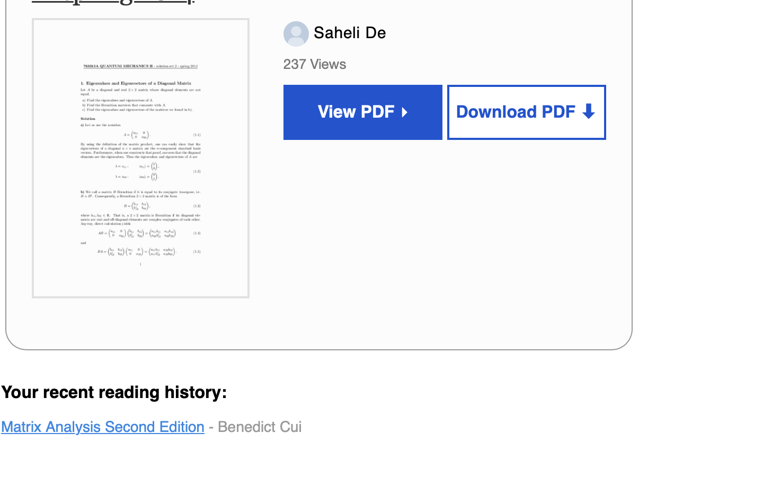  Describe the element at coordinates (363, 112) in the screenshot. I see `'View PDF ▸'` at that location.